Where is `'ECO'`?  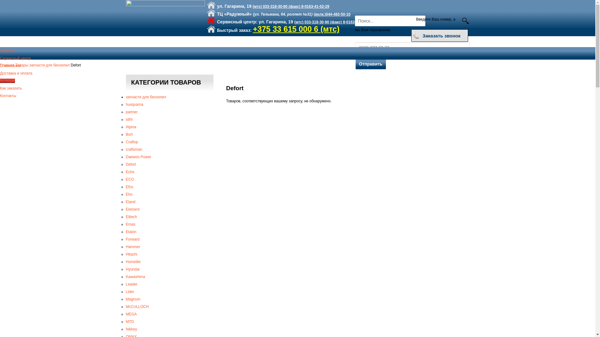
'ECO' is located at coordinates (129, 179).